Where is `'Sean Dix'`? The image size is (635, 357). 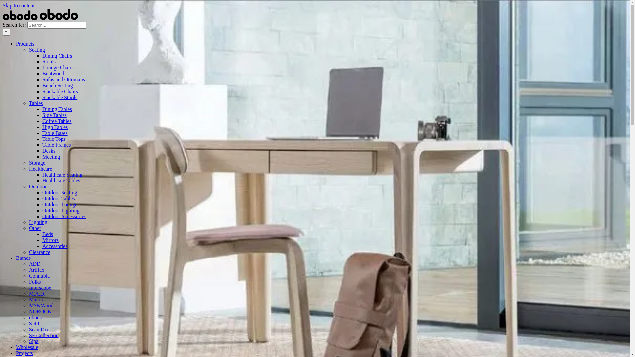 'Sean Dix' is located at coordinates (28, 329).